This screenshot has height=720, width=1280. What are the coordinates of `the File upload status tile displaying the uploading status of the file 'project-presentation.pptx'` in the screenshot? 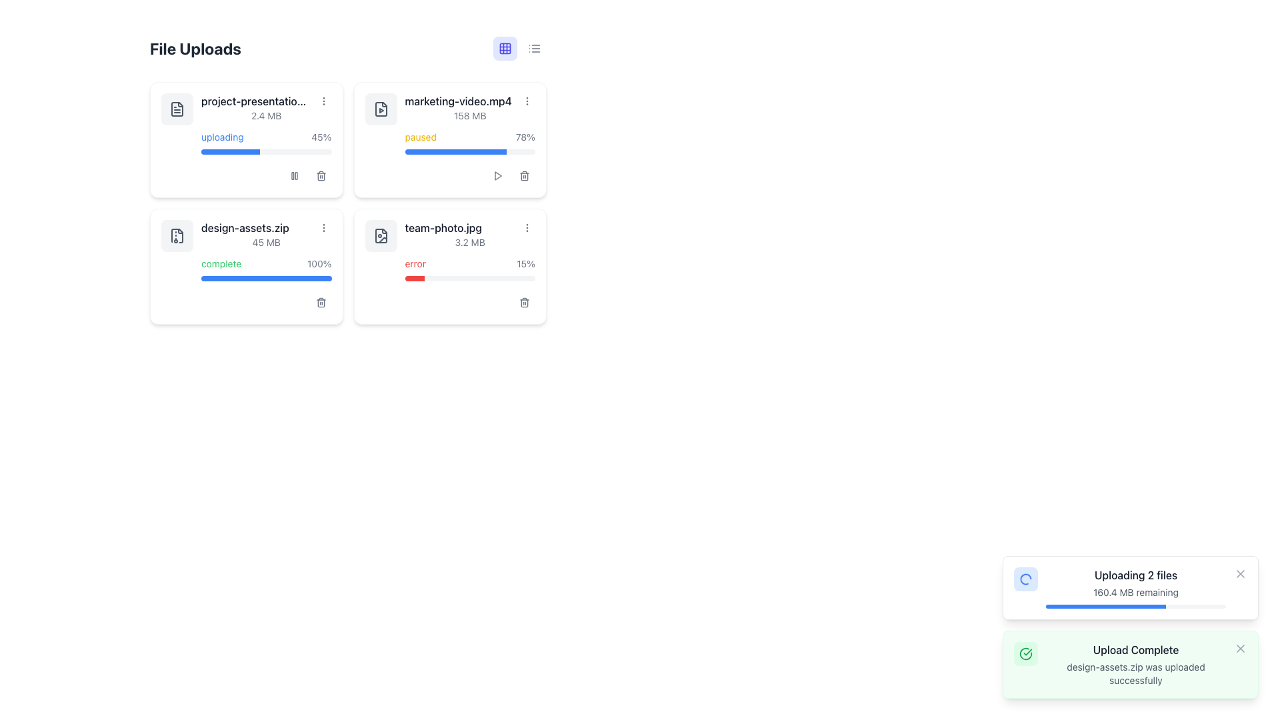 It's located at (266, 123).